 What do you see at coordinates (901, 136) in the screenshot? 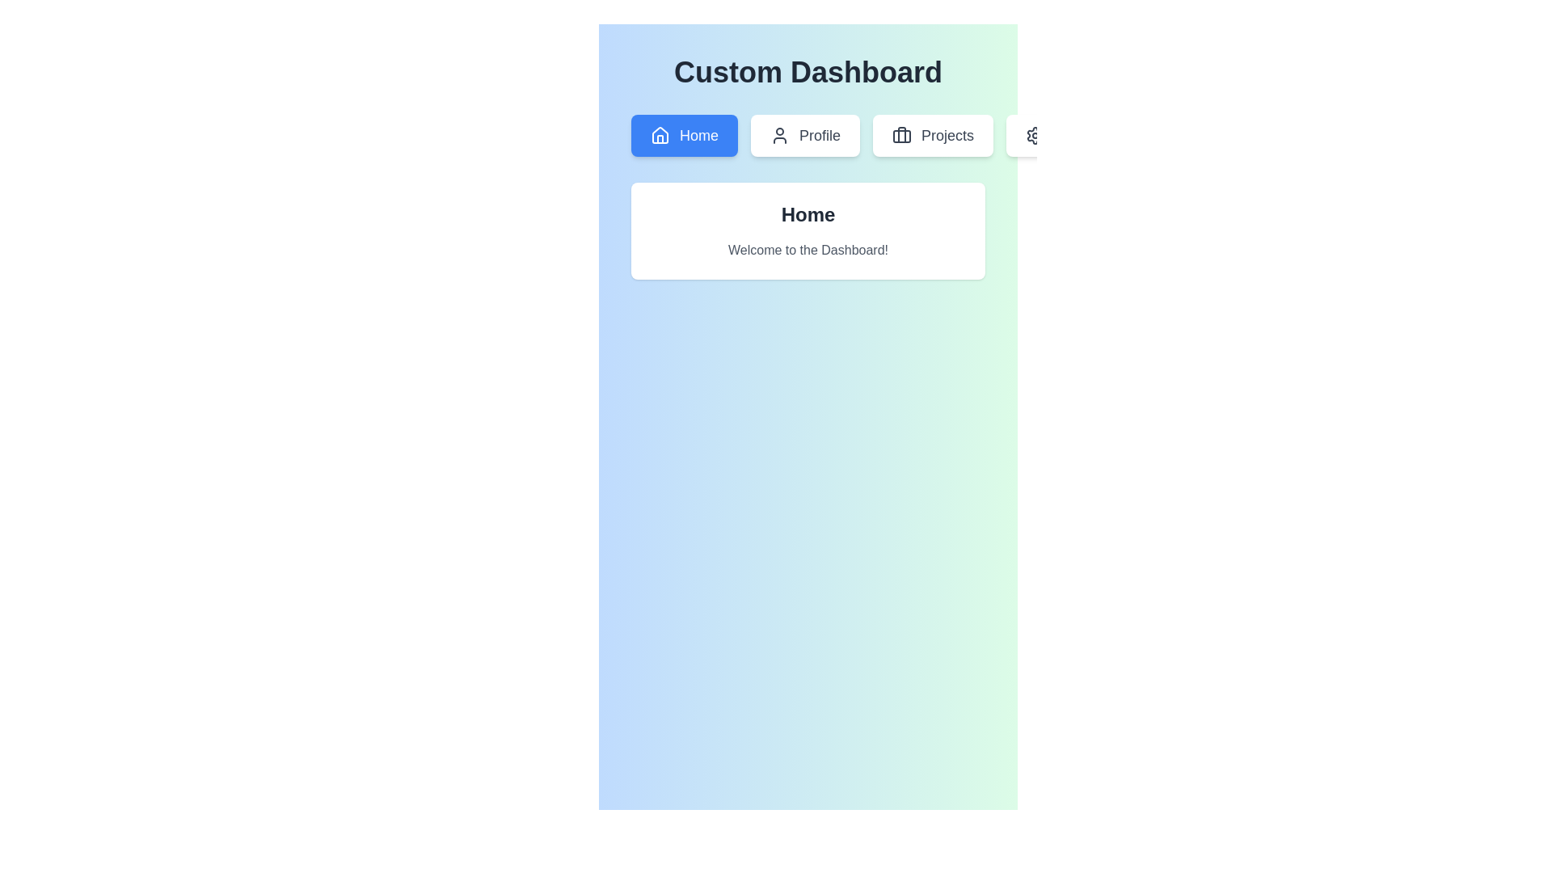
I see `the rectangular inner part of the briefcase icon located in the navigation menu, which is part of the Projects button` at bounding box center [901, 136].